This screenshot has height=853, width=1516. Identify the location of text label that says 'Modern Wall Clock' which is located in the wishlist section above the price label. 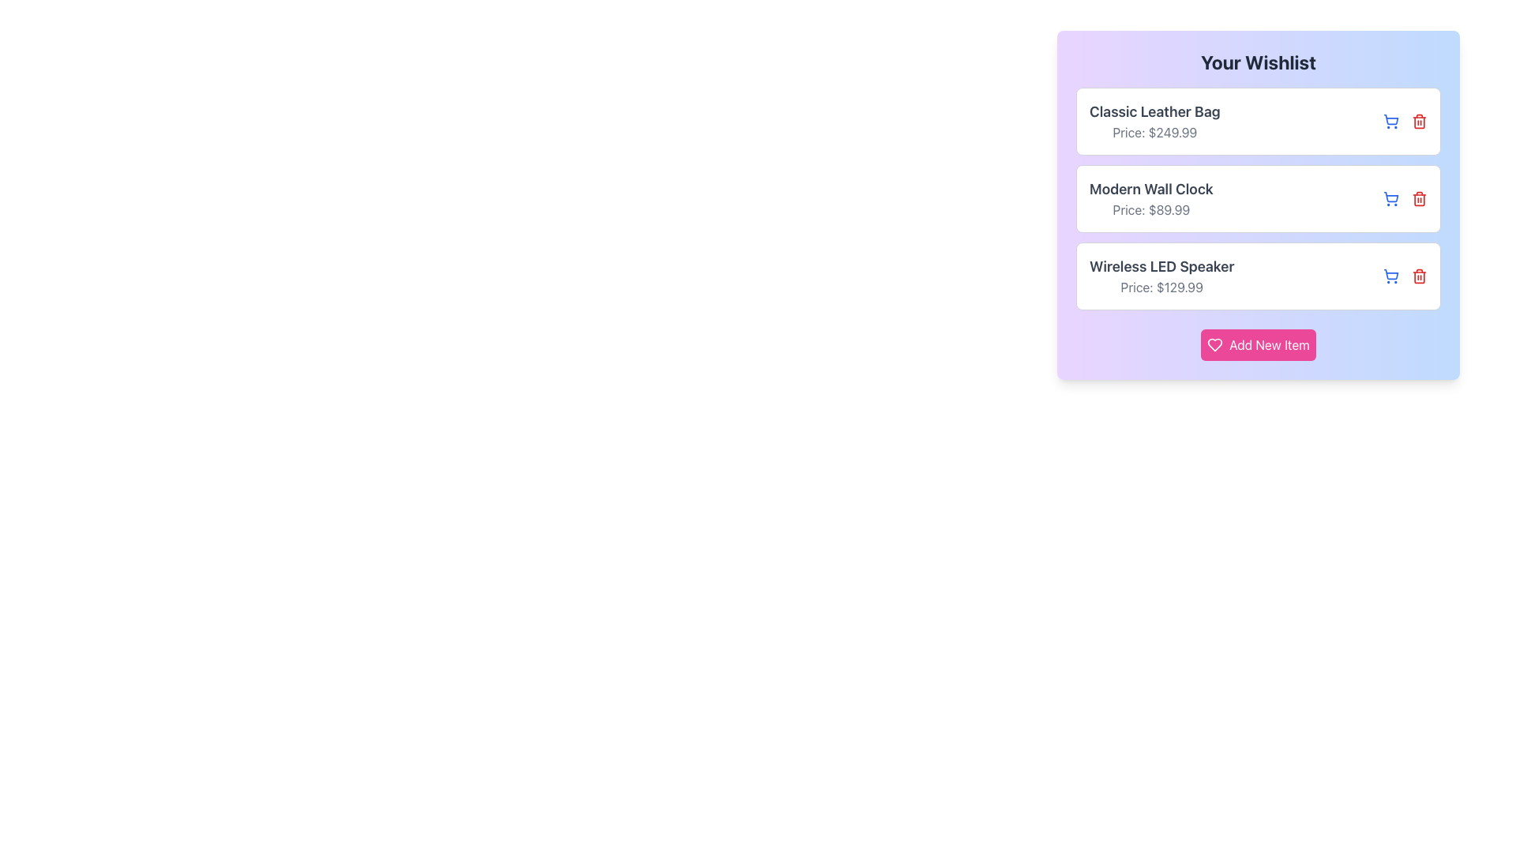
(1151, 188).